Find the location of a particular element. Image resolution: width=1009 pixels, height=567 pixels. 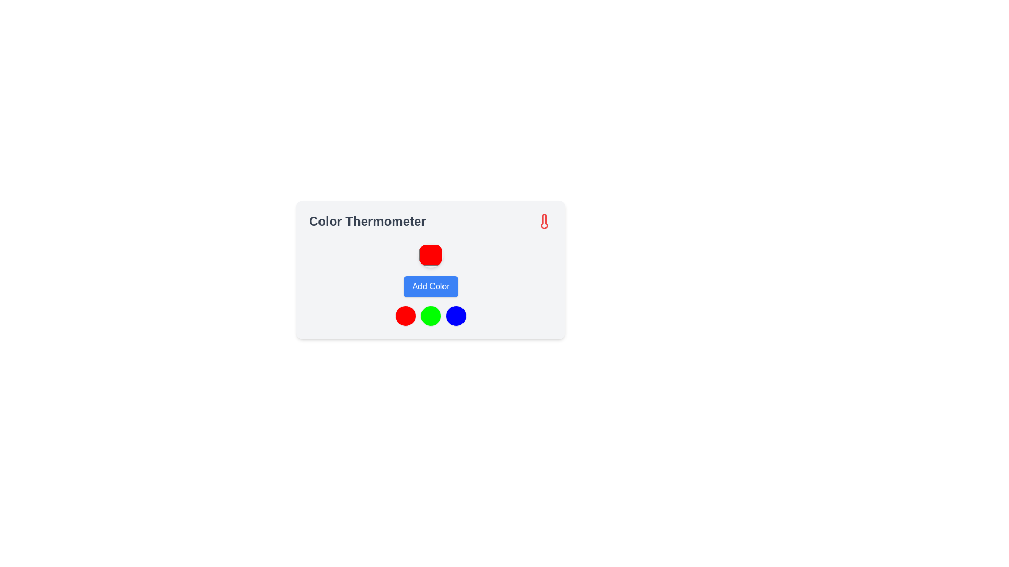

the blue button labeled 'Add Color' located in the 'Color Thermometer' panel, positioned centrally below a red octagonal icon and above three circular colored indicators is located at coordinates (446, 280).